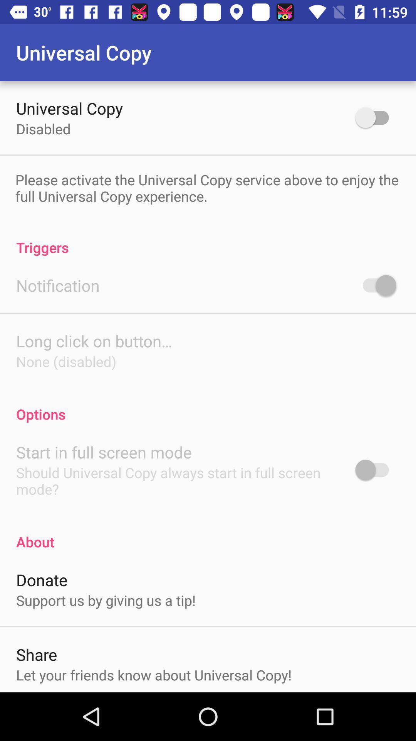 The height and width of the screenshot is (741, 416). What do you see at coordinates (375, 285) in the screenshot?
I see `notifications` at bounding box center [375, 285].